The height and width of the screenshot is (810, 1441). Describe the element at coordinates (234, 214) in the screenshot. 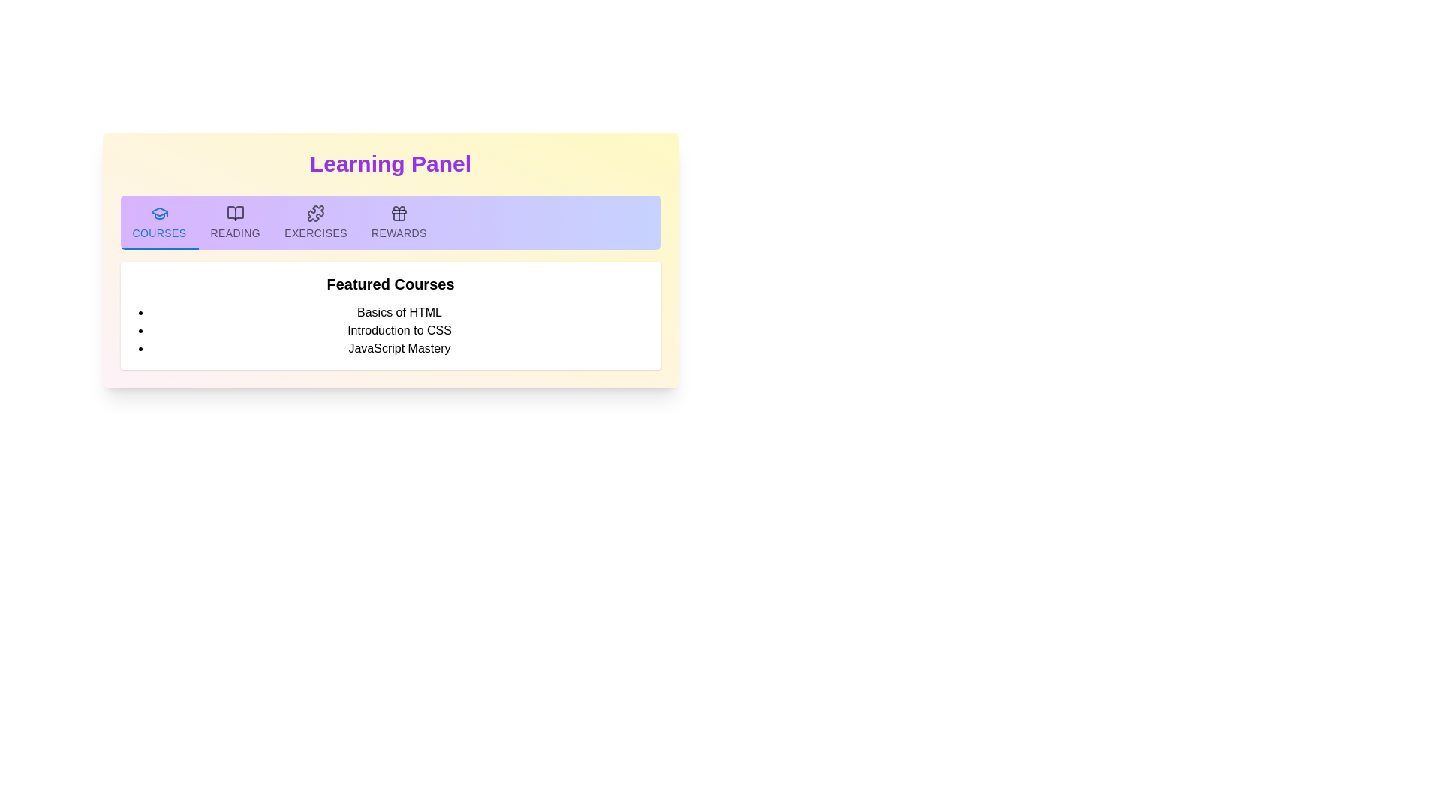

I see `the open-book icon located in the 'READING' tab, which is the second icon in the horizontal tab menu at the top of the user panel` at that location.